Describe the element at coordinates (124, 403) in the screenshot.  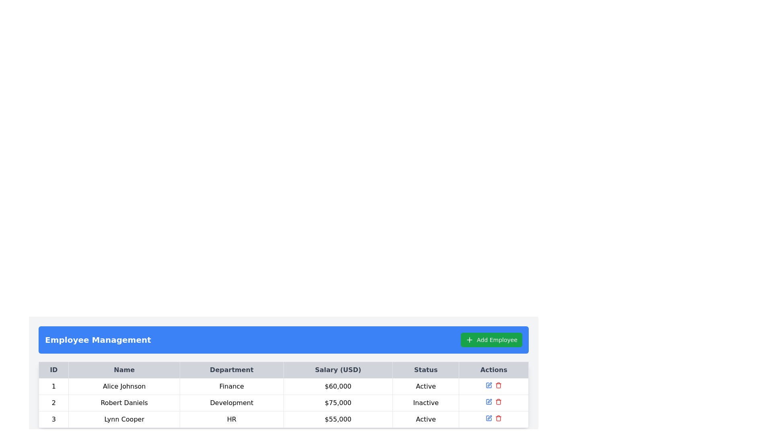
I see `the static text label indicating the name 'Robert Daniels' in the second row of the table under the 'Name' column` at that location.